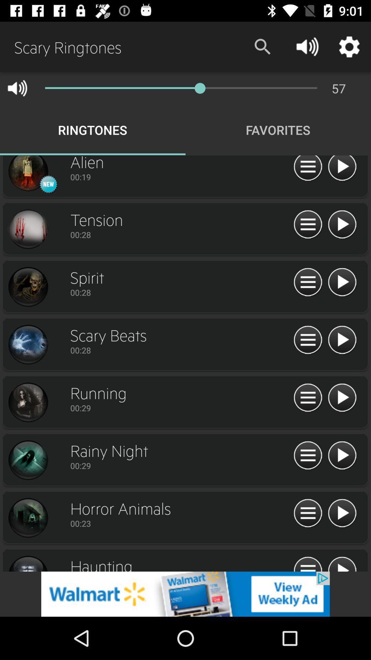 The height and width of the screenshot is (660, 371). I want to click on open menu, so click(307, 224).